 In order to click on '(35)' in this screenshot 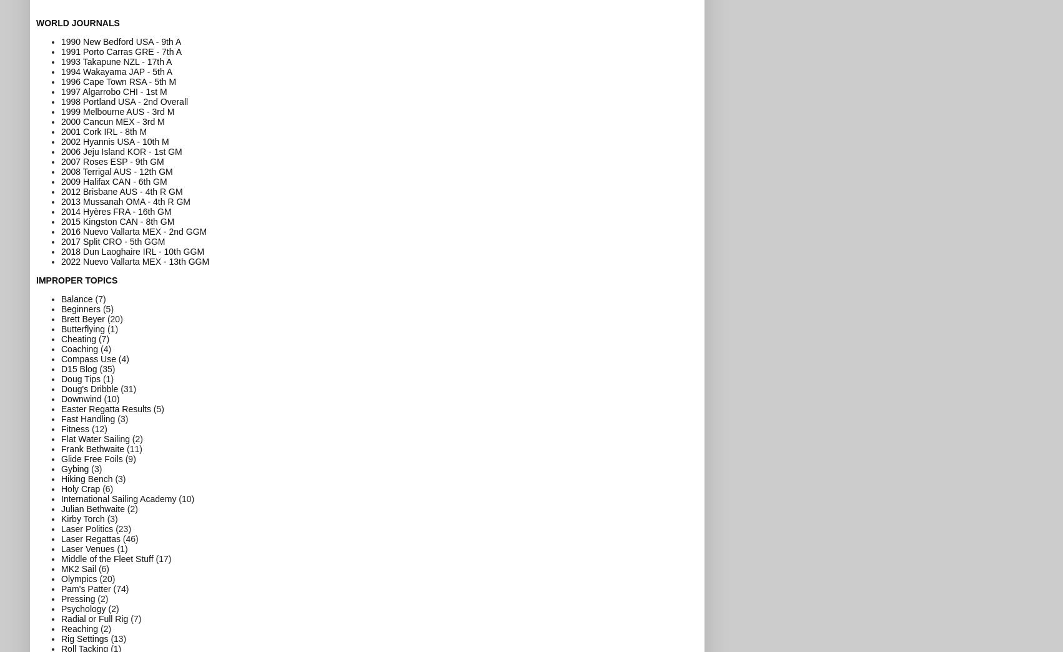, I will do `click(98, 368)`.